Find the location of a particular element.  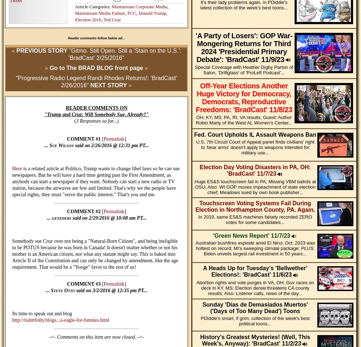

'Huge ES&S touchscreen fail in PA; Missing VBM ballots at OSU; Also: WI GOP moves impeachment of state election chief; Meadows sued by own book publisher...' is located at coordinates (255, 186).